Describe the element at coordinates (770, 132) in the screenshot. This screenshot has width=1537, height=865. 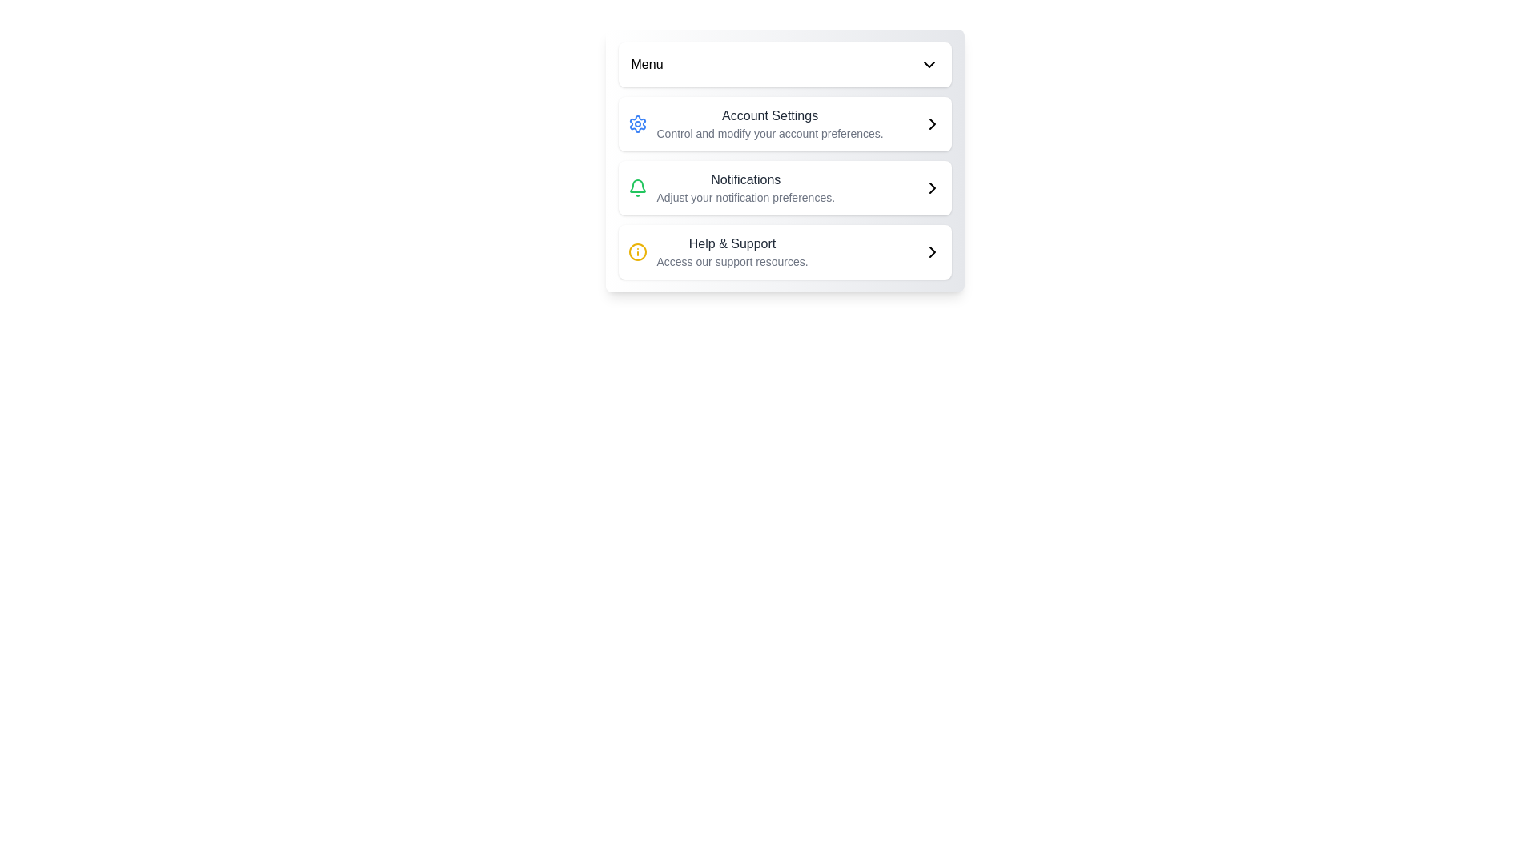
I see `the Informational Text element that provides additional explanatory information about the 'Account Settings' section, located directly below the 'Account Settings' text` at that location.